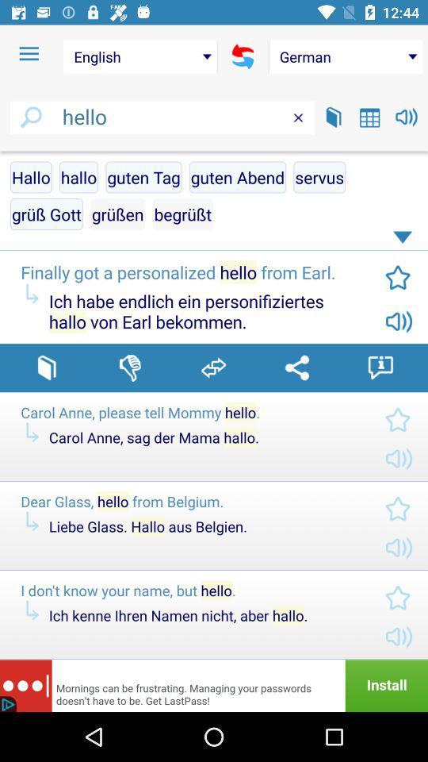 The height and width of the screenshot is (762, 428). I want to click on switch sound option, so click(407, 116).